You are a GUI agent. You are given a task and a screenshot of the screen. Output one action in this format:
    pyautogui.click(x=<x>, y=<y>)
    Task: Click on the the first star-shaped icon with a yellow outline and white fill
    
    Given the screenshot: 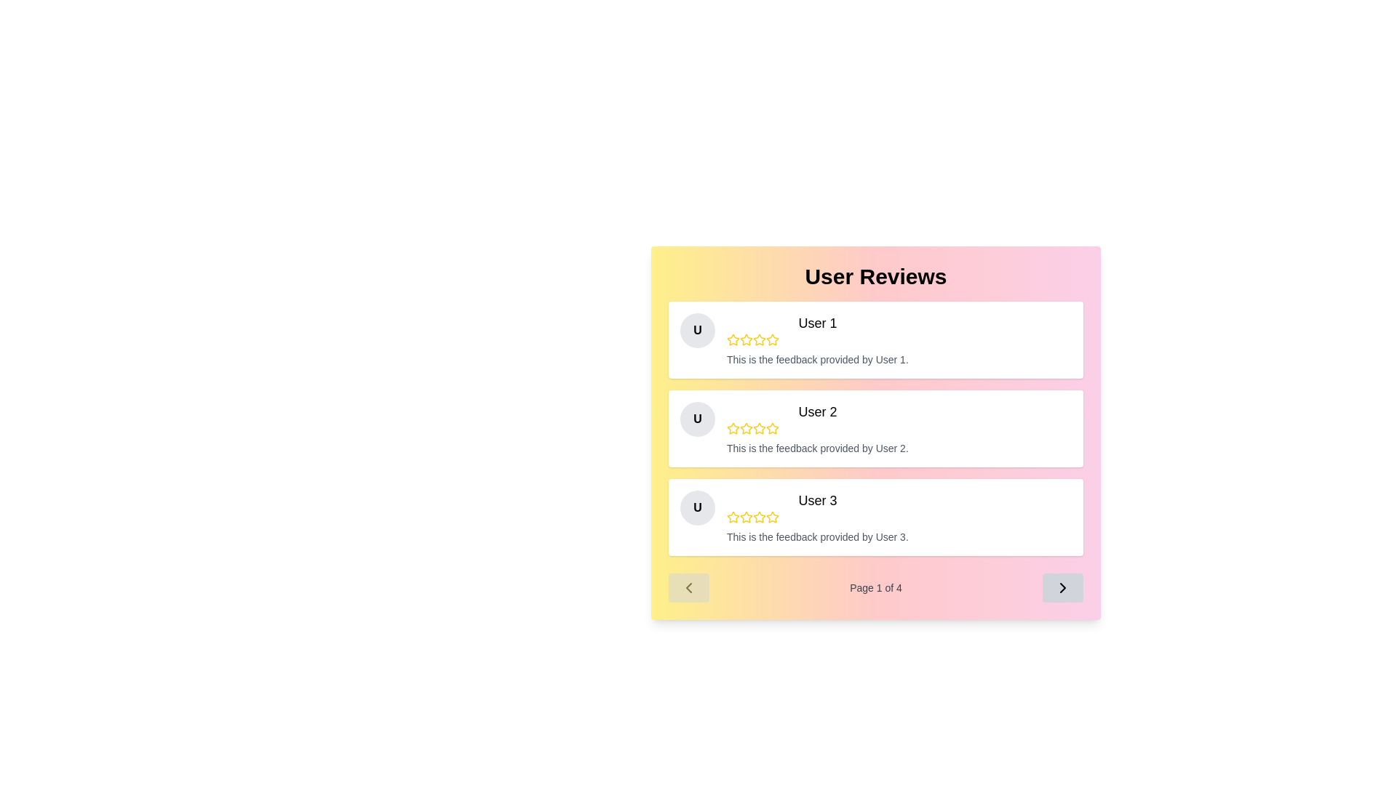 What is the action you would take?
    pyautogui.click(x=733, y=339)
    